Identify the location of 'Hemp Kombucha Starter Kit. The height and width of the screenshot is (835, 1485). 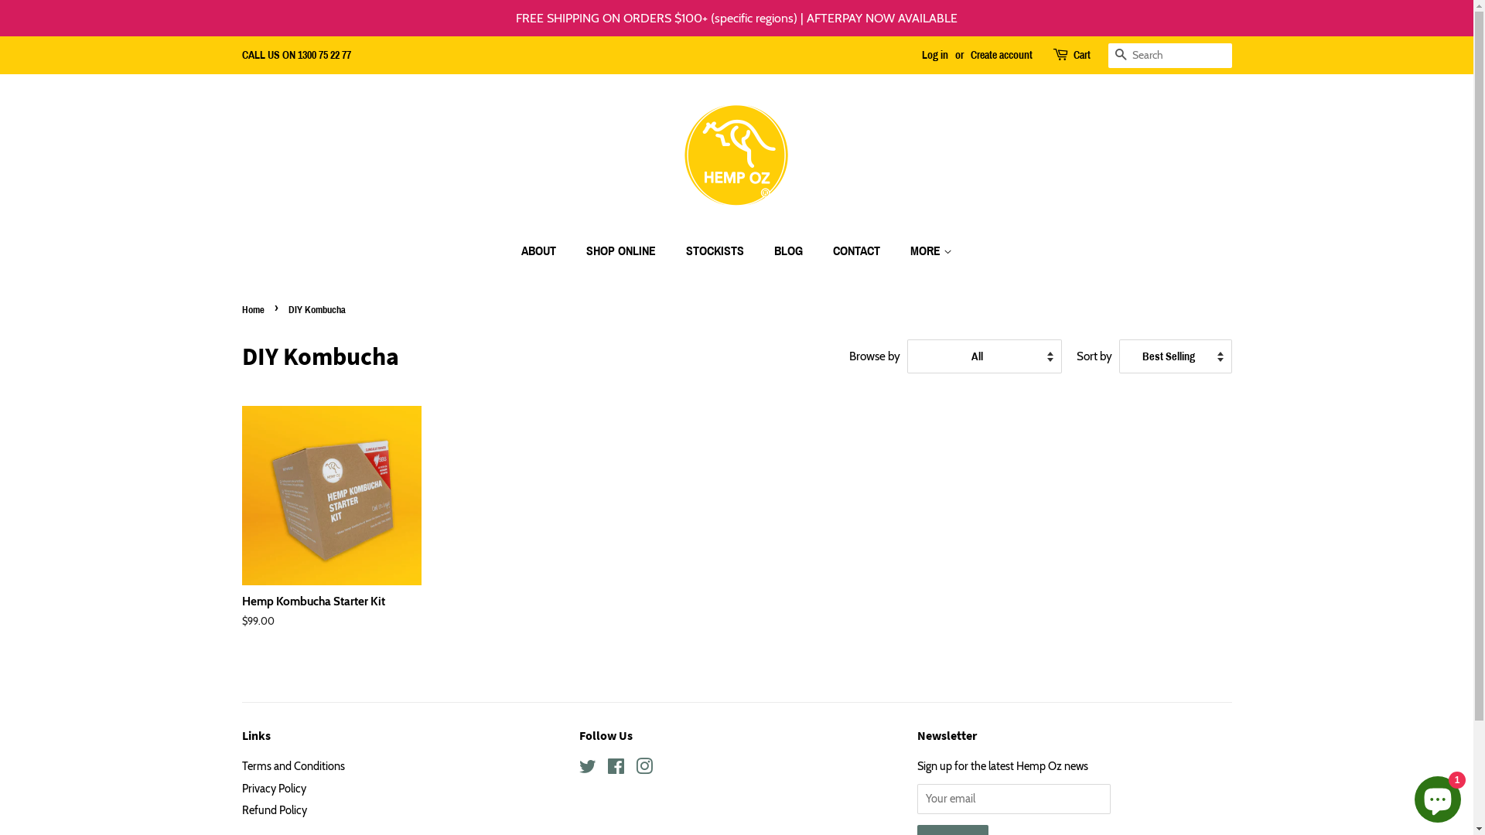
(329, 530).